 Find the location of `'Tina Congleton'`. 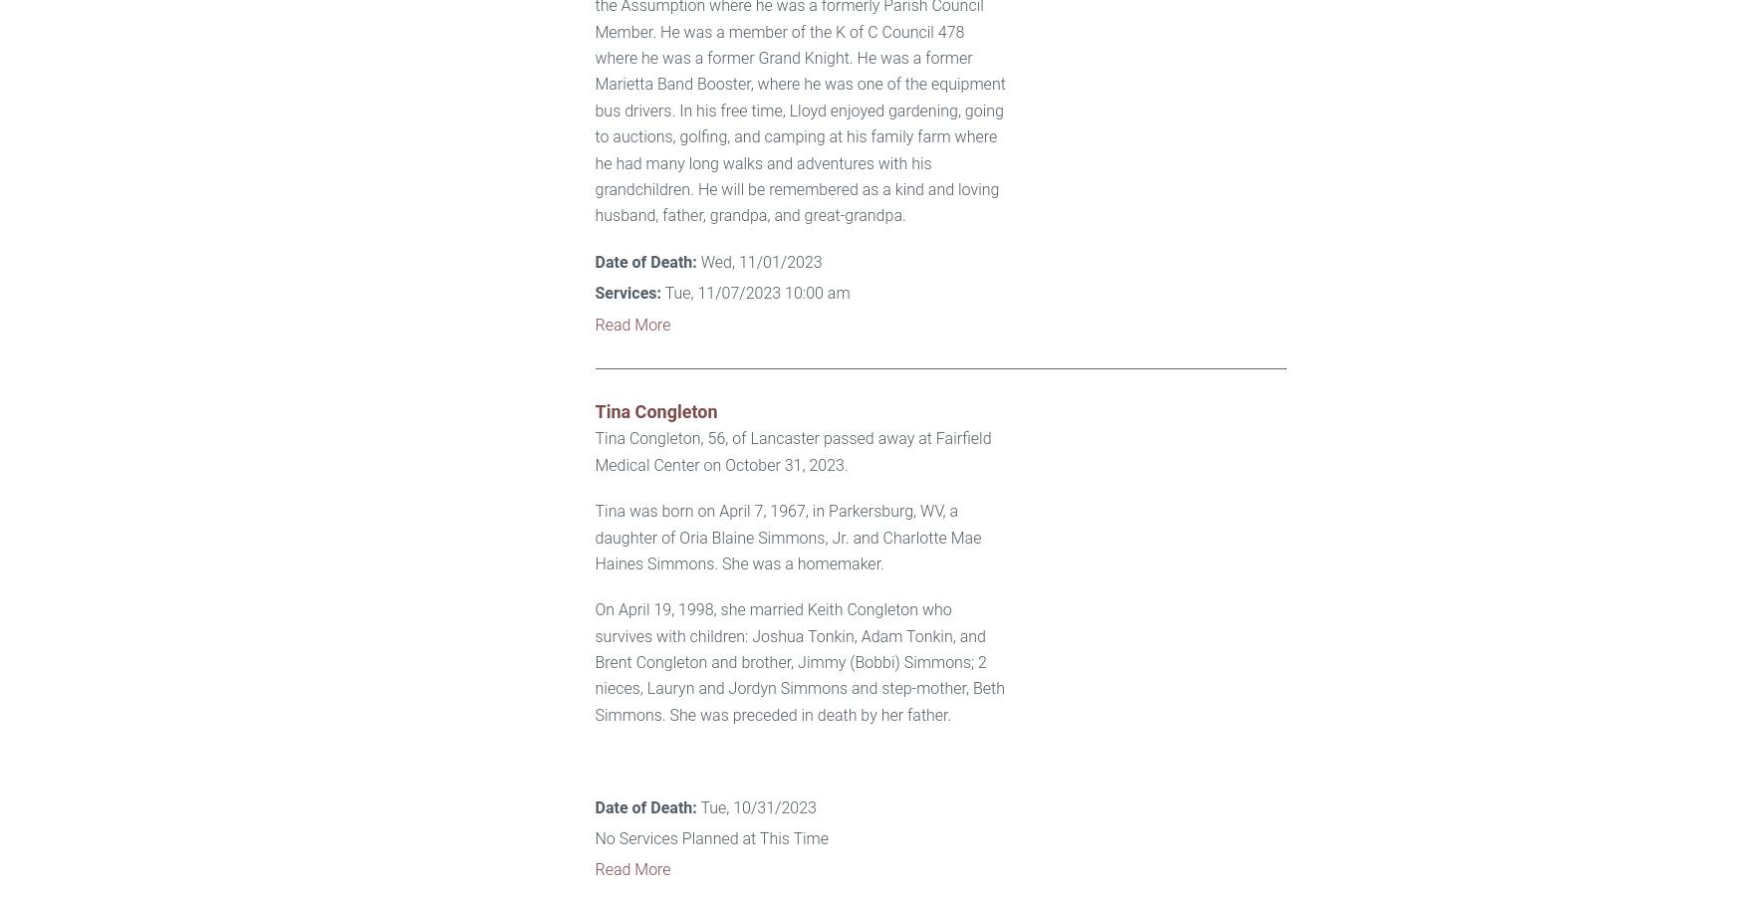

'Tina Congleton' is located at coordinates (654, 409).